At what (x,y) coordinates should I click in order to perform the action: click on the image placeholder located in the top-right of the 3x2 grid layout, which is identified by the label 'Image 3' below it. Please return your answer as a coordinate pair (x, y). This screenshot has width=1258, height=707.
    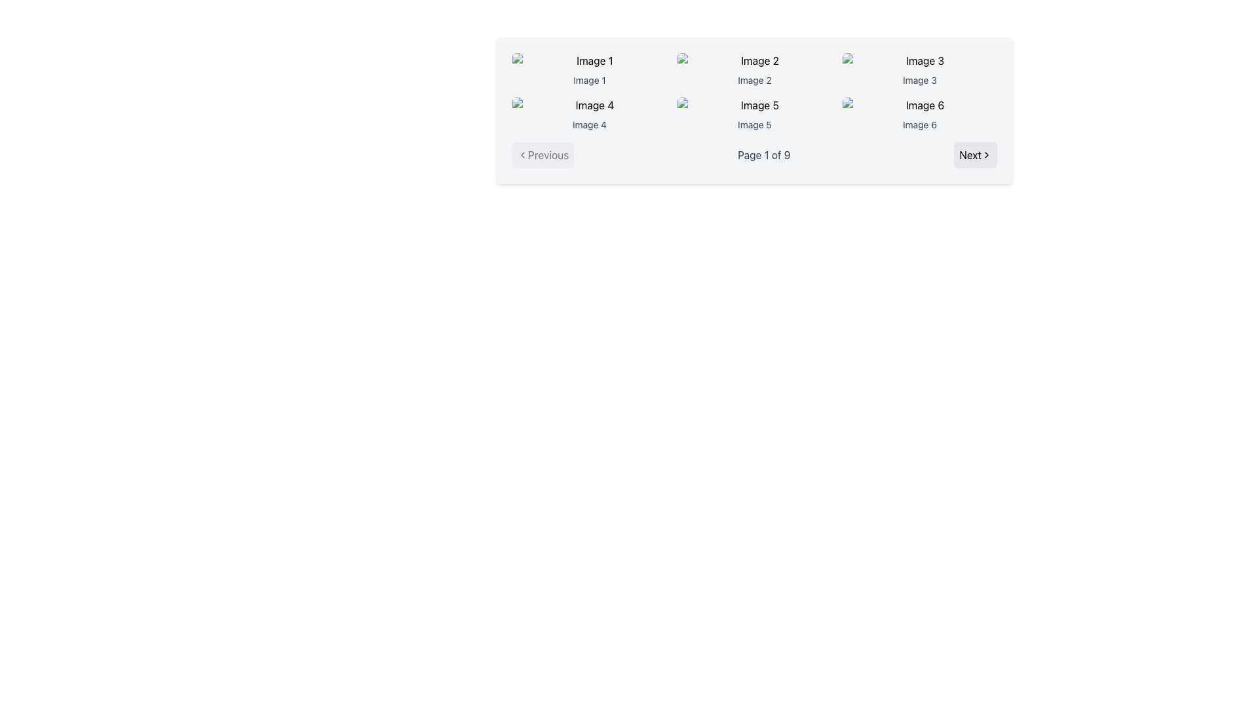
    Looking at the image, I should click on (919, 60).